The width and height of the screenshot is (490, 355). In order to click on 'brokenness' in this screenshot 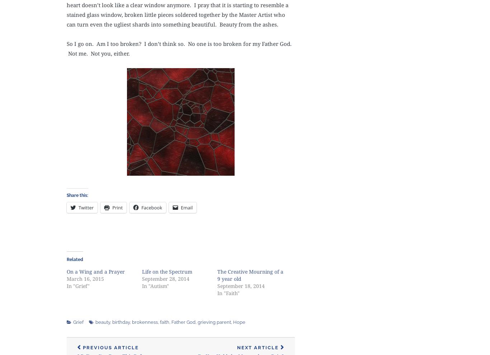, I will do `click(145, 321)`.